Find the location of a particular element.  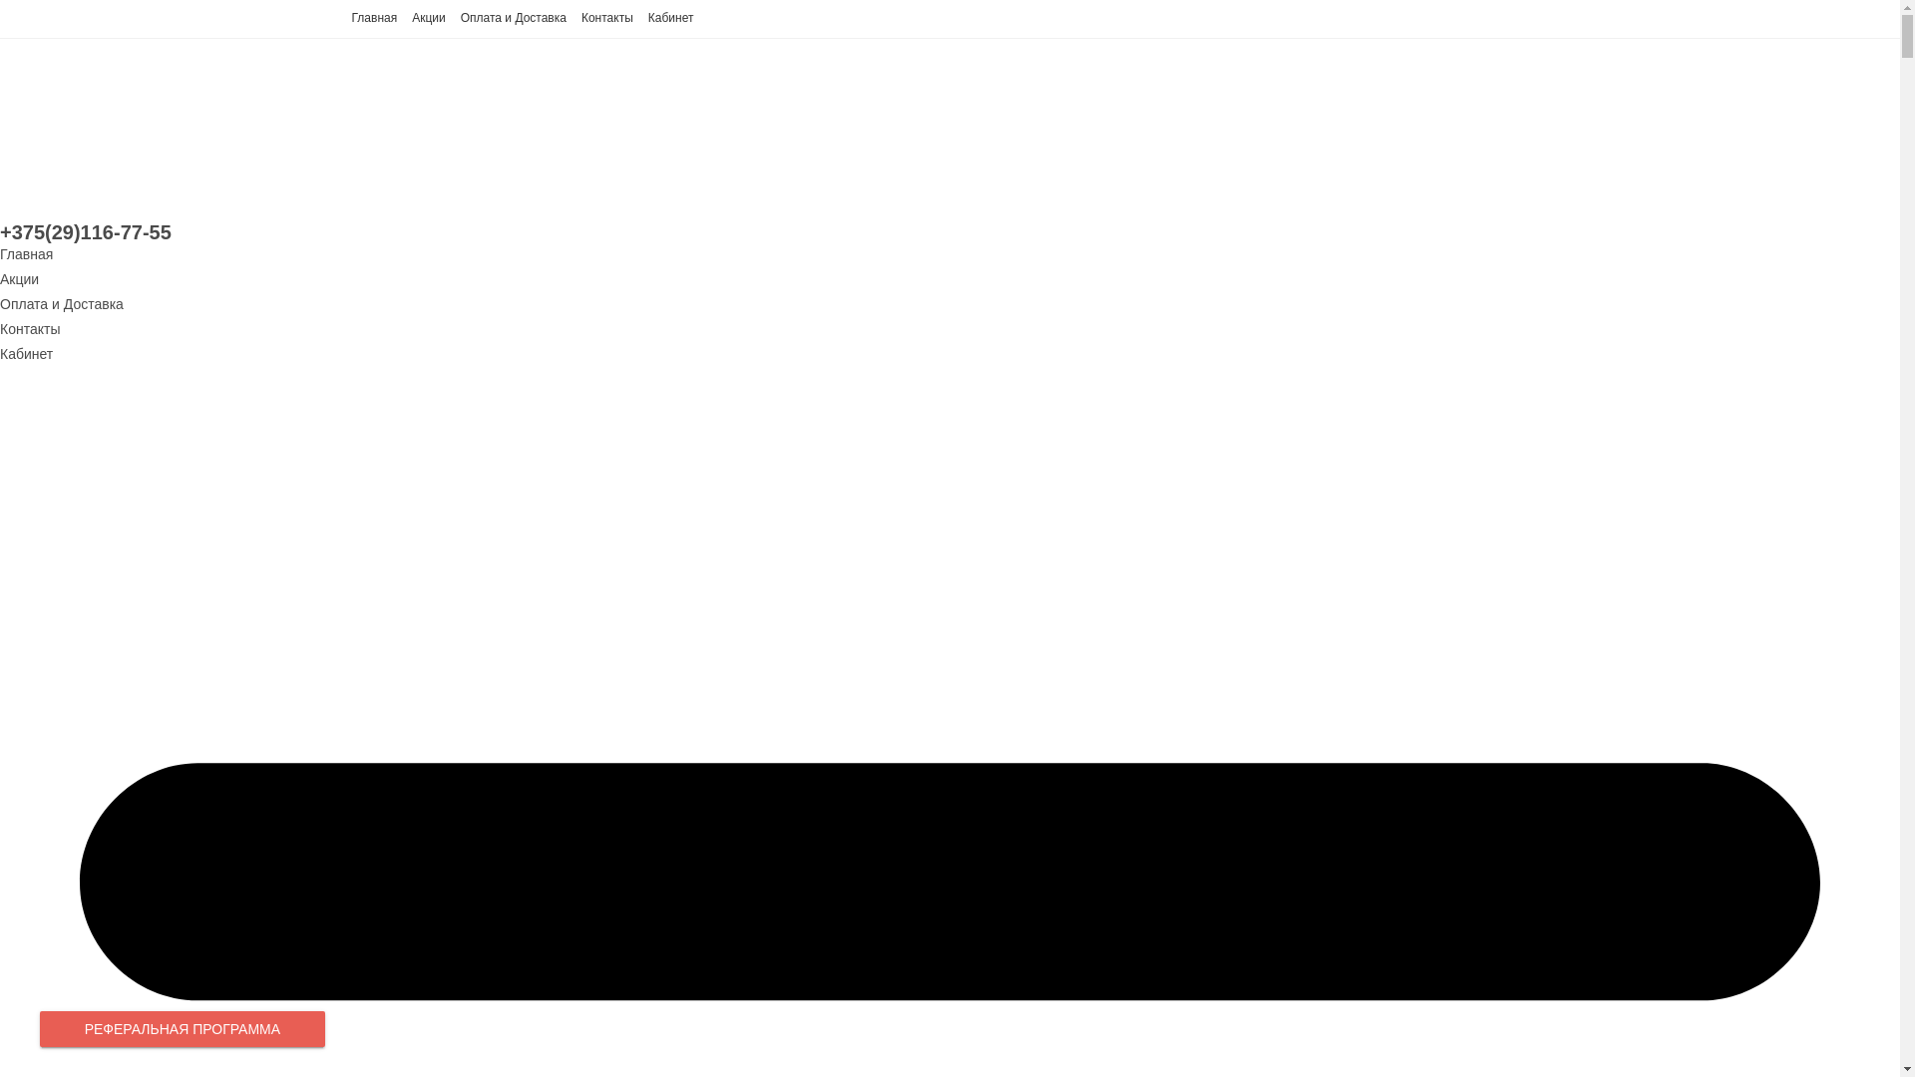

'+375(29)116-77-55' is located at coordinates (85, 230).